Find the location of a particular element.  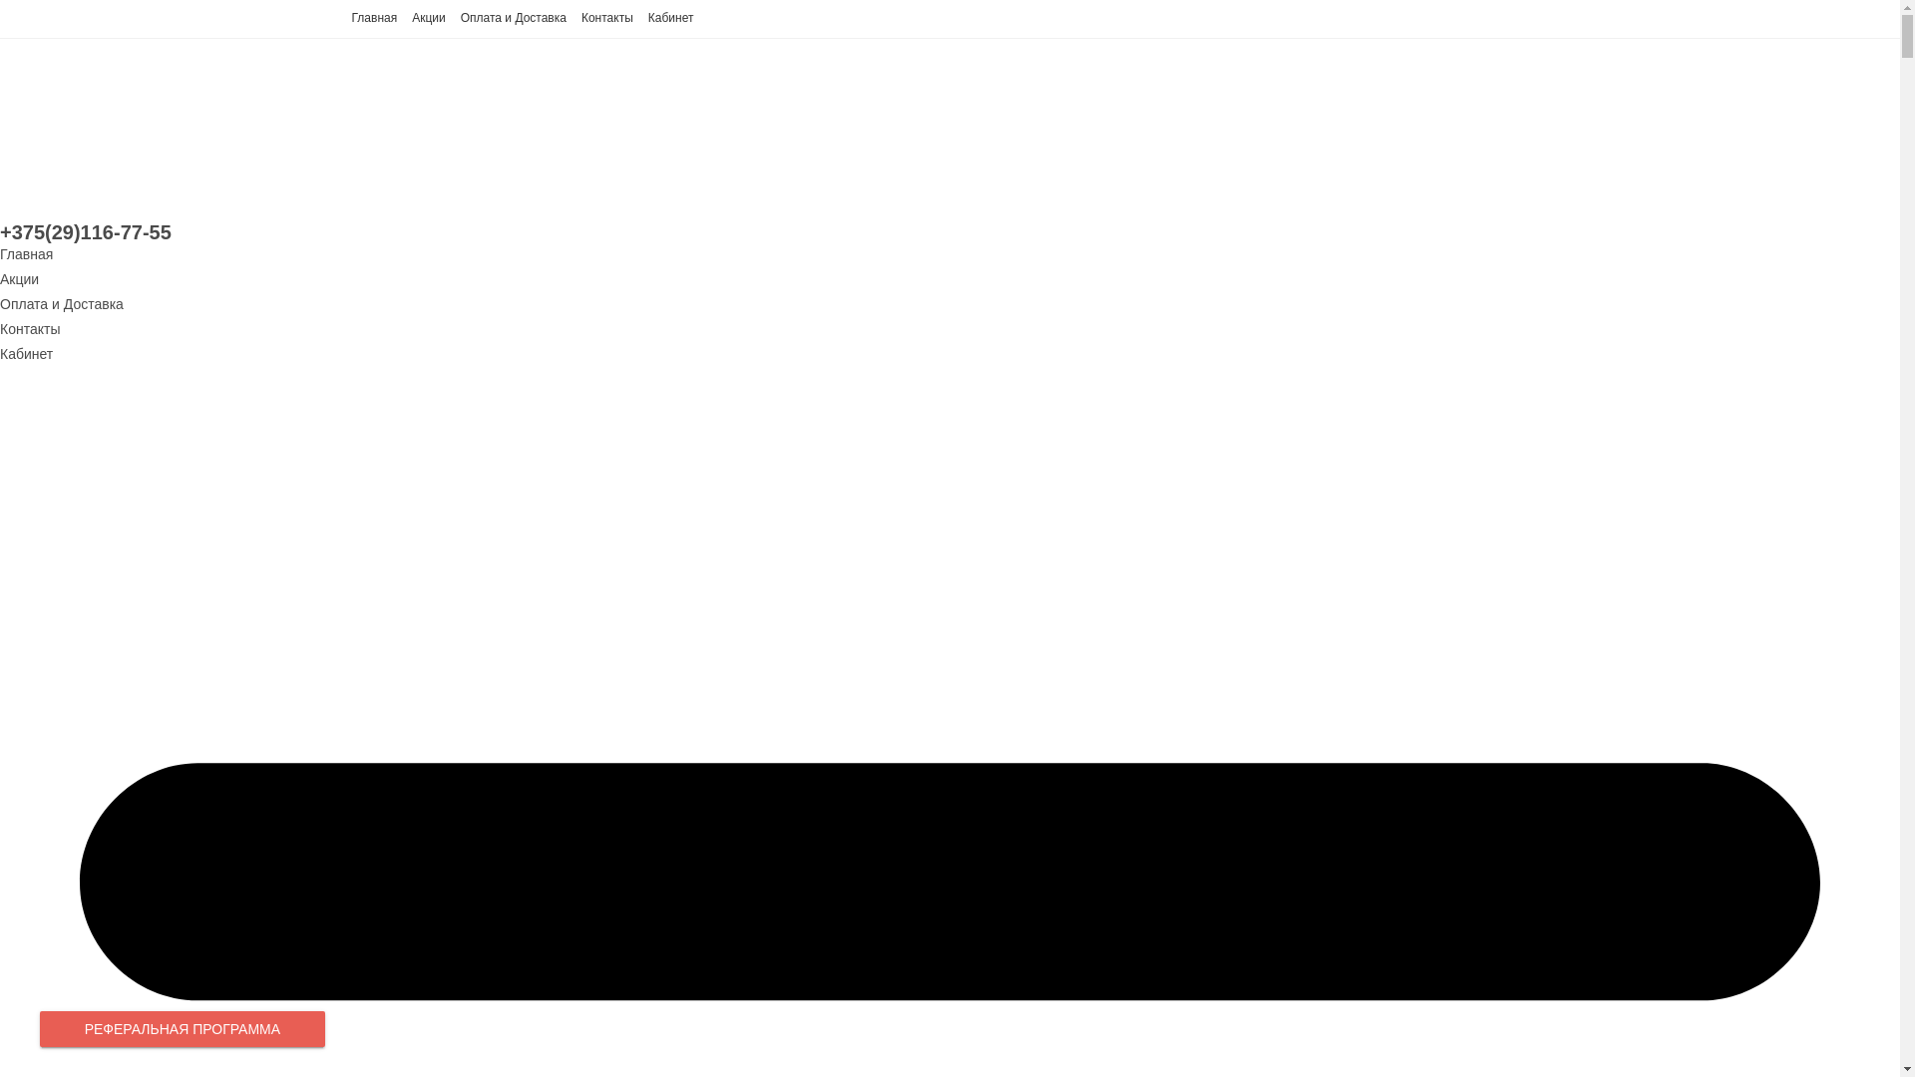

'+375(29)116-77-55' is located at coordinates (85, 230).